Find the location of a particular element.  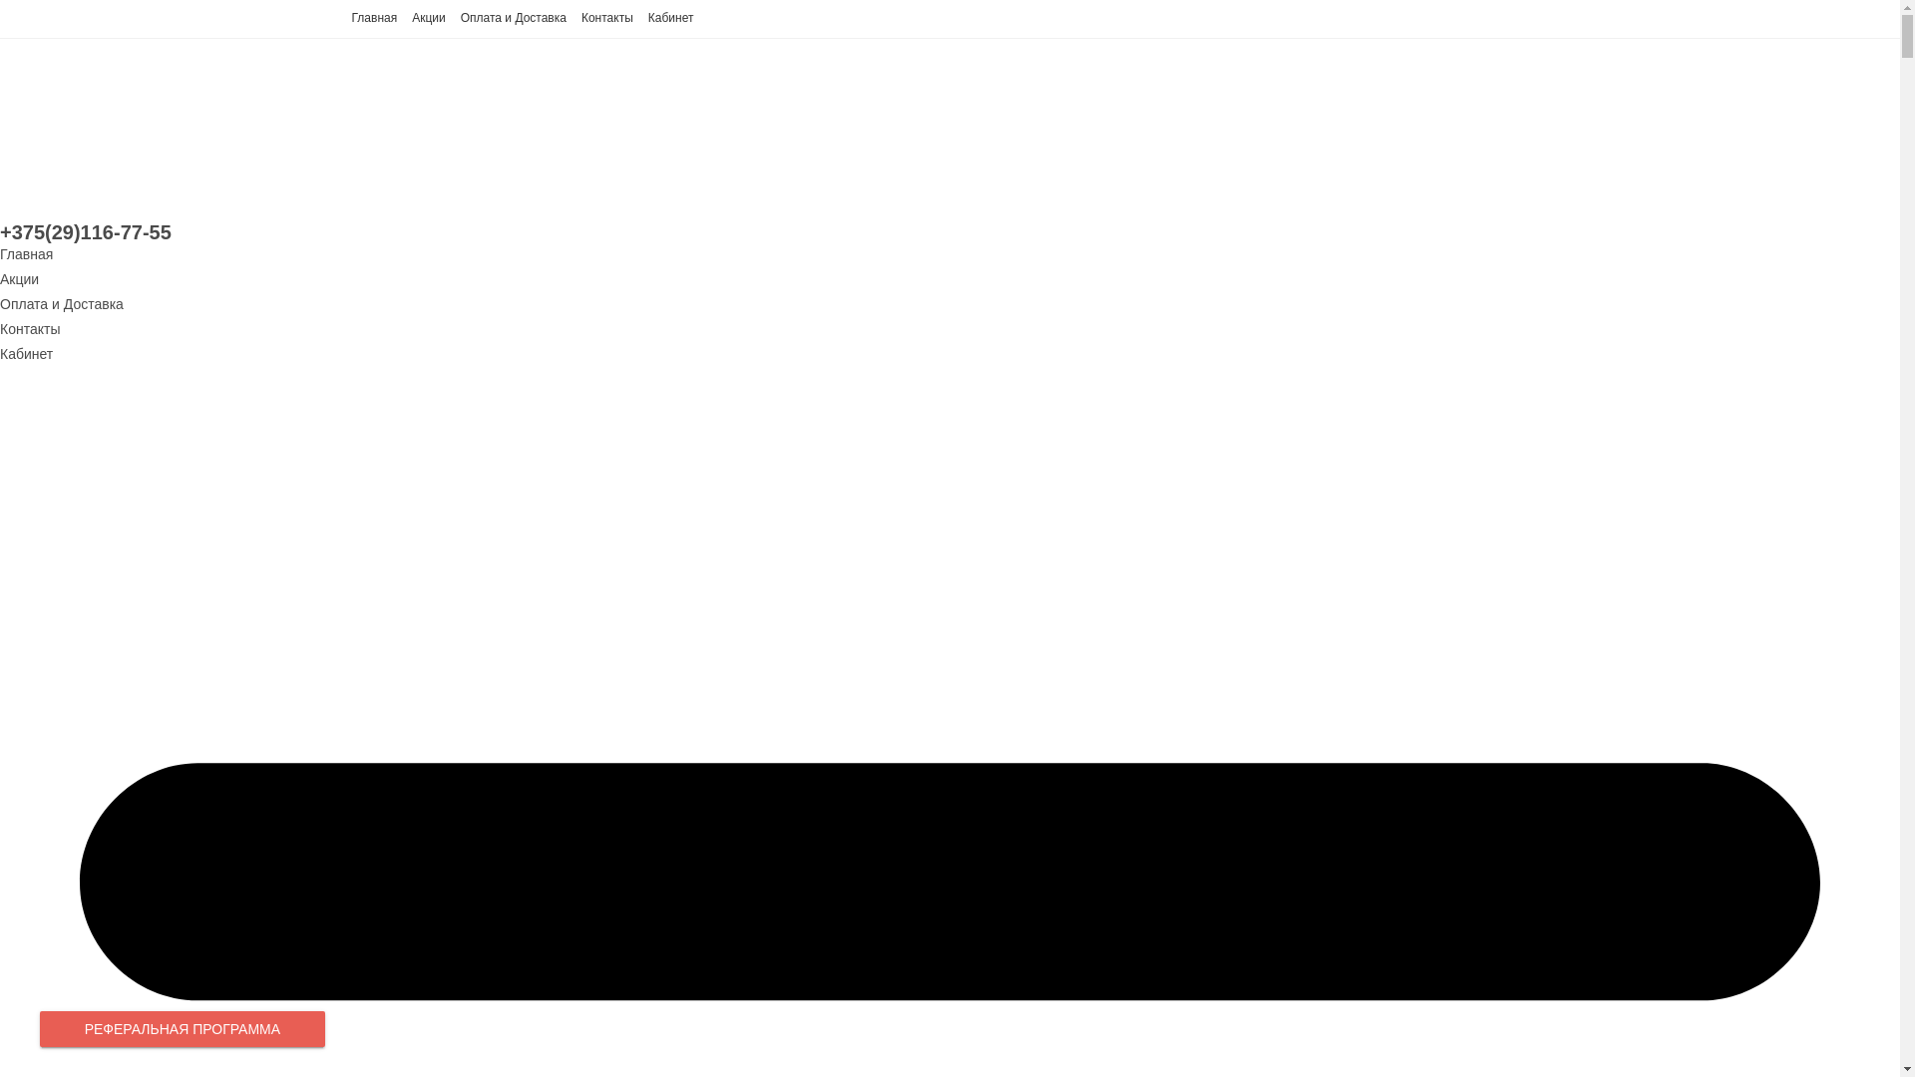

'+375(29)116-77-55' is located at coordinates (85, 230).